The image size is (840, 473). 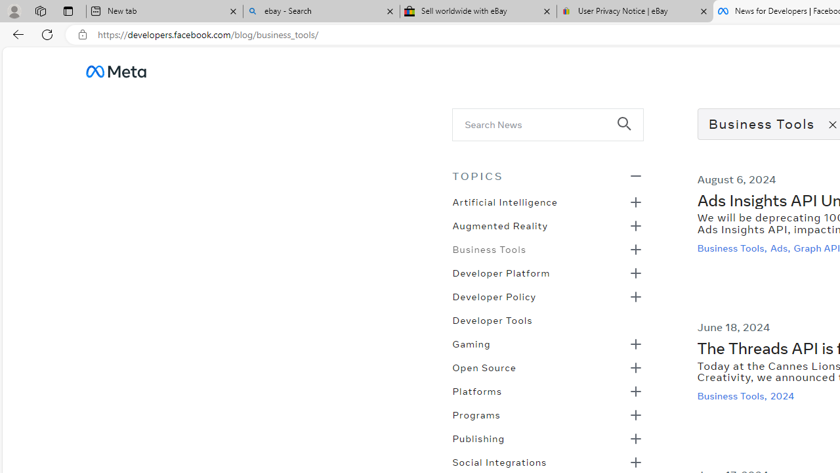 I want to click on 'Open Source', so click(x=483, y=367).